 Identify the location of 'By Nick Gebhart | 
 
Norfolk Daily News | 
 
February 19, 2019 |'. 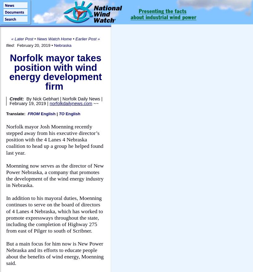
(56, 101).